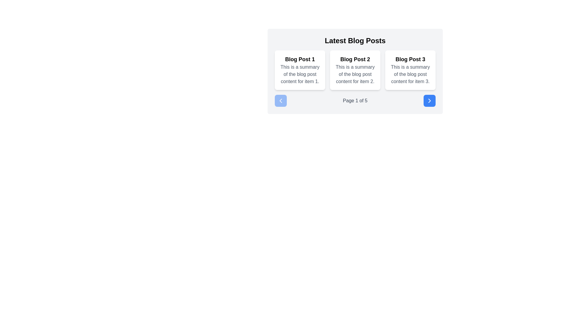  I want to click on the static text label displaying 'Page 1 of 5' in a gray font, located within the navigation bar for paginated content, so click(355, 100).